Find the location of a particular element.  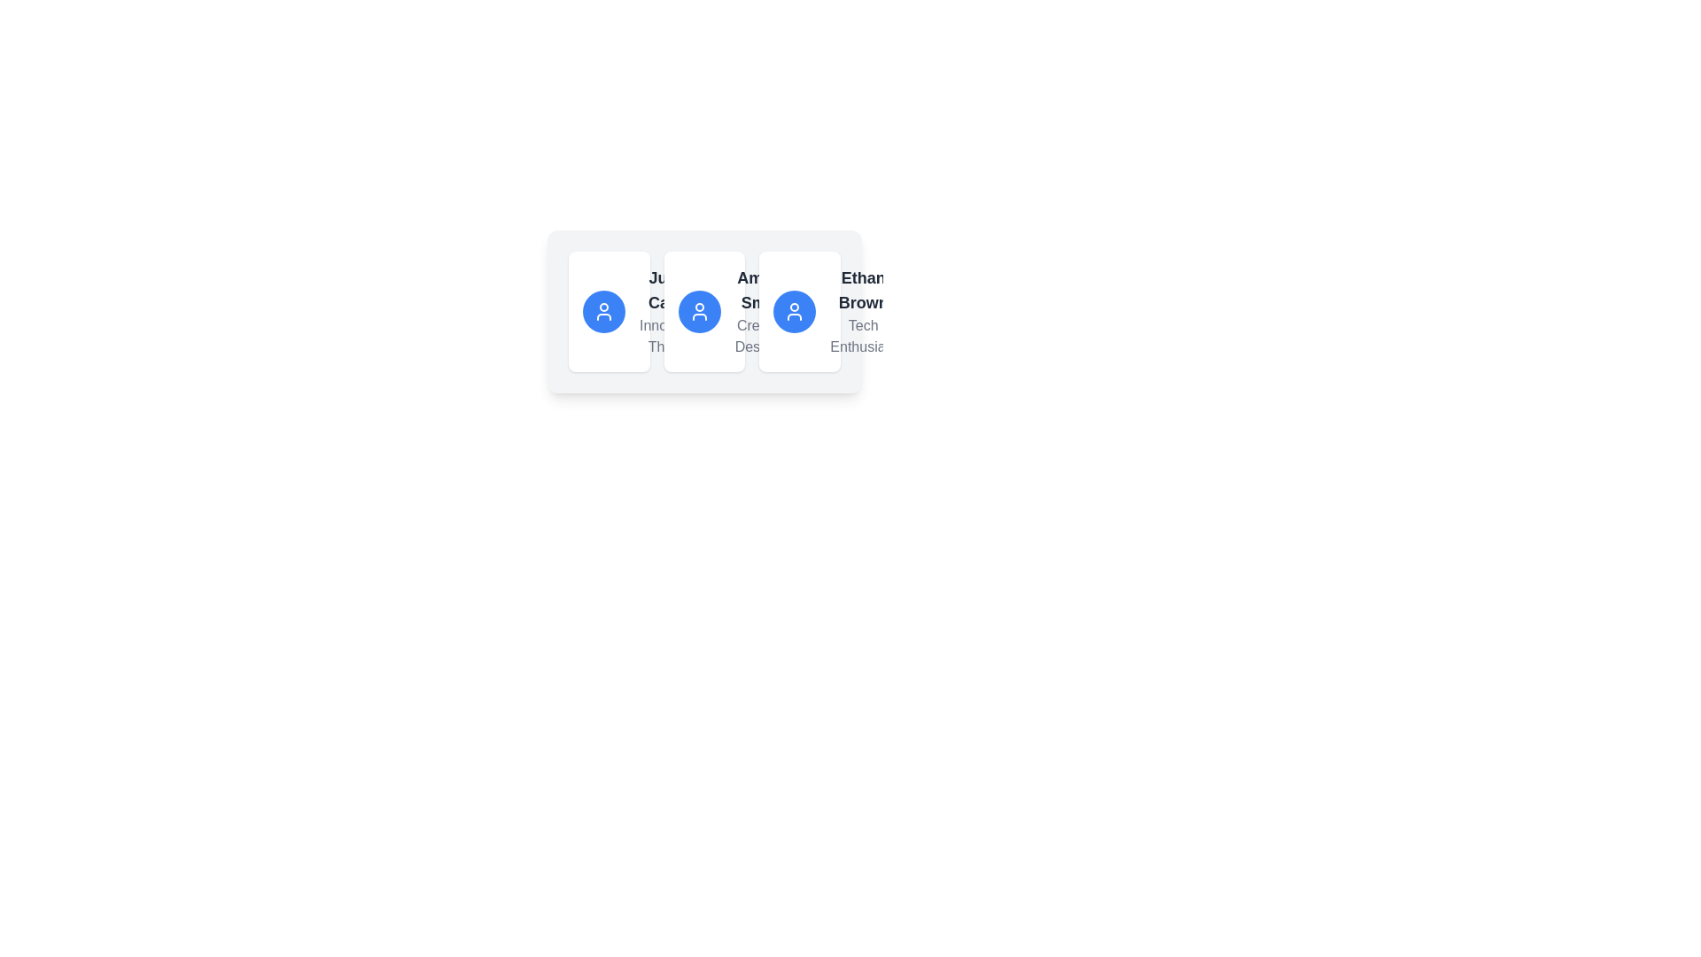

text from the label displaying 'Amelia Smith' in bold, prominent style located at the top part of the second card layout is located at coordinates (763, 289).